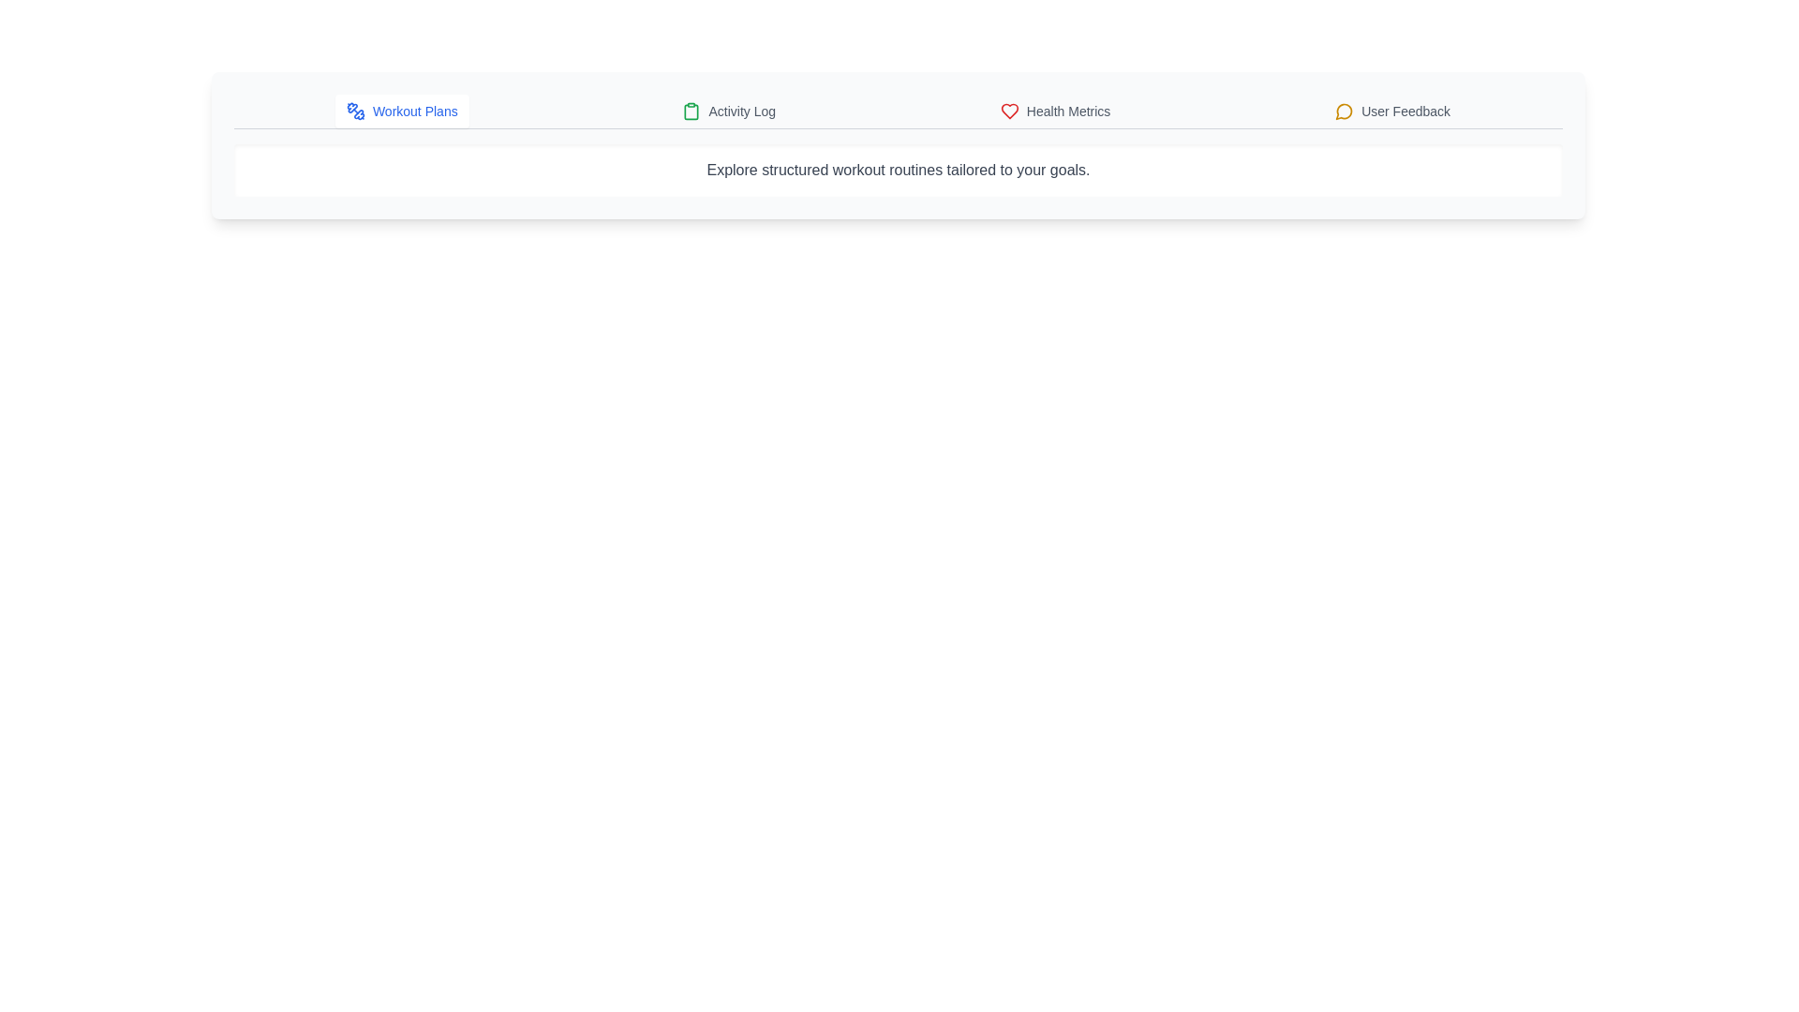 This screenshot has width=1799, height=1012. Describe the element at coordinates (1008, 112) in the screenshot. I see `the heart-shaped outline icon representing a 'like' or favorite action in the 'Health Metrics' section of the navigation menu` at that location.